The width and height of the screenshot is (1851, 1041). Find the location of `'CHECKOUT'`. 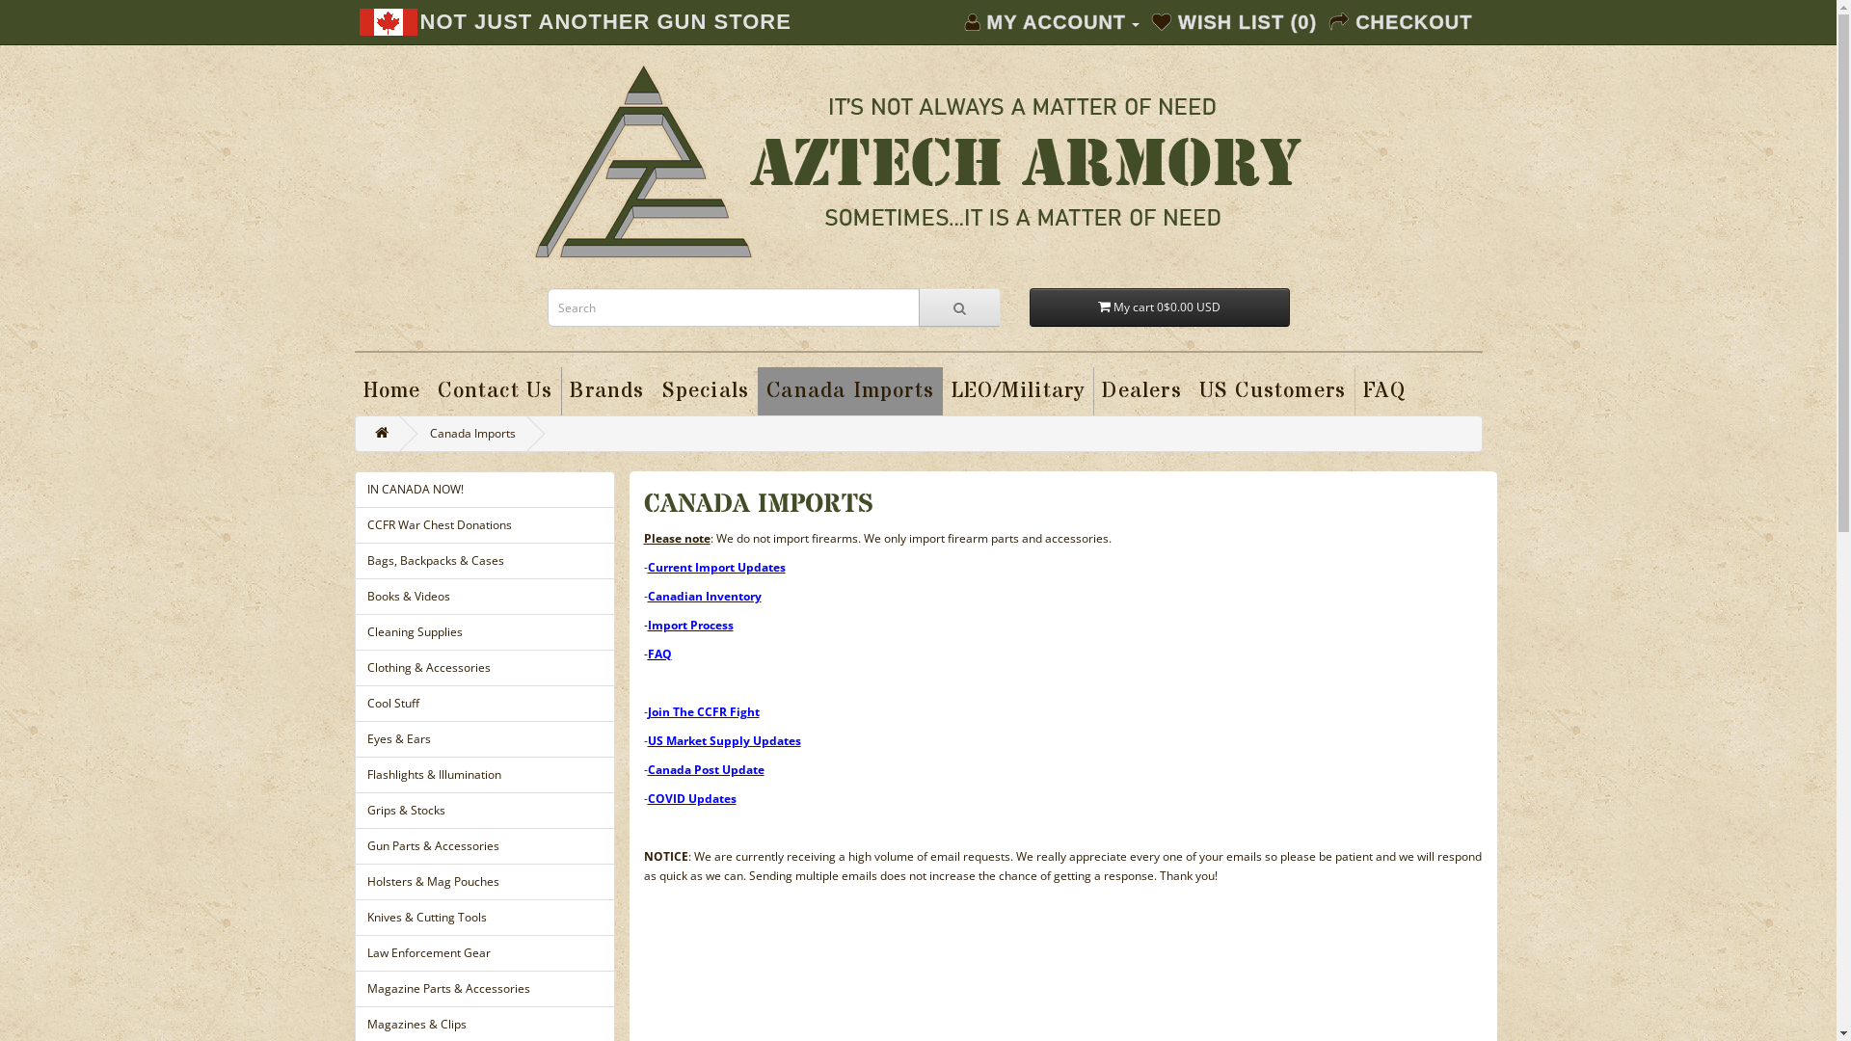

'CHECKOUT' is located at coordinates (1401, 22).